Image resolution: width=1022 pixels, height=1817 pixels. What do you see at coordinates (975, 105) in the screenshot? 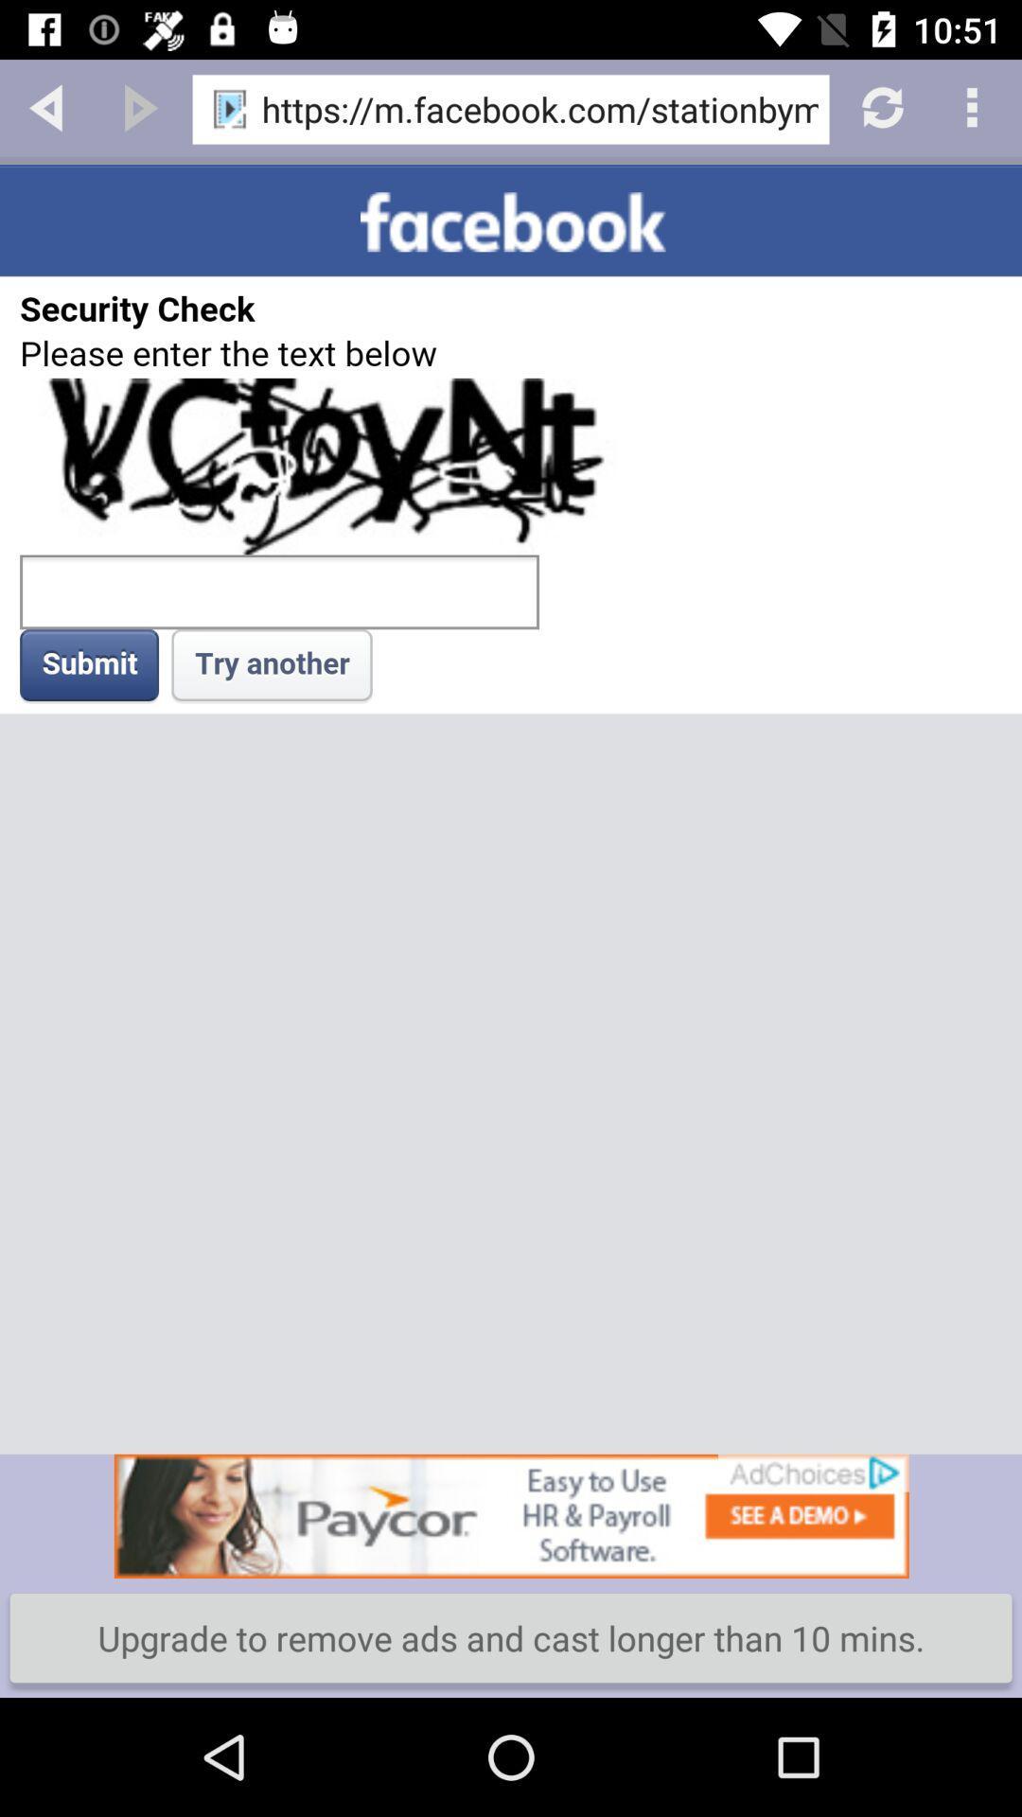
I see `options` at bounding box center [975, 105].